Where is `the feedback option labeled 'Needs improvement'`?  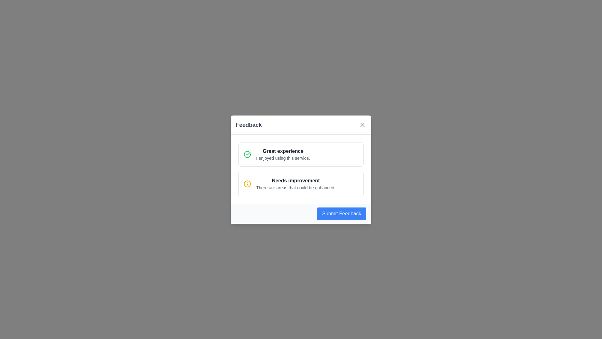 the feedback option labeled 'Needs improvement' is located at coordinates (301, 184).